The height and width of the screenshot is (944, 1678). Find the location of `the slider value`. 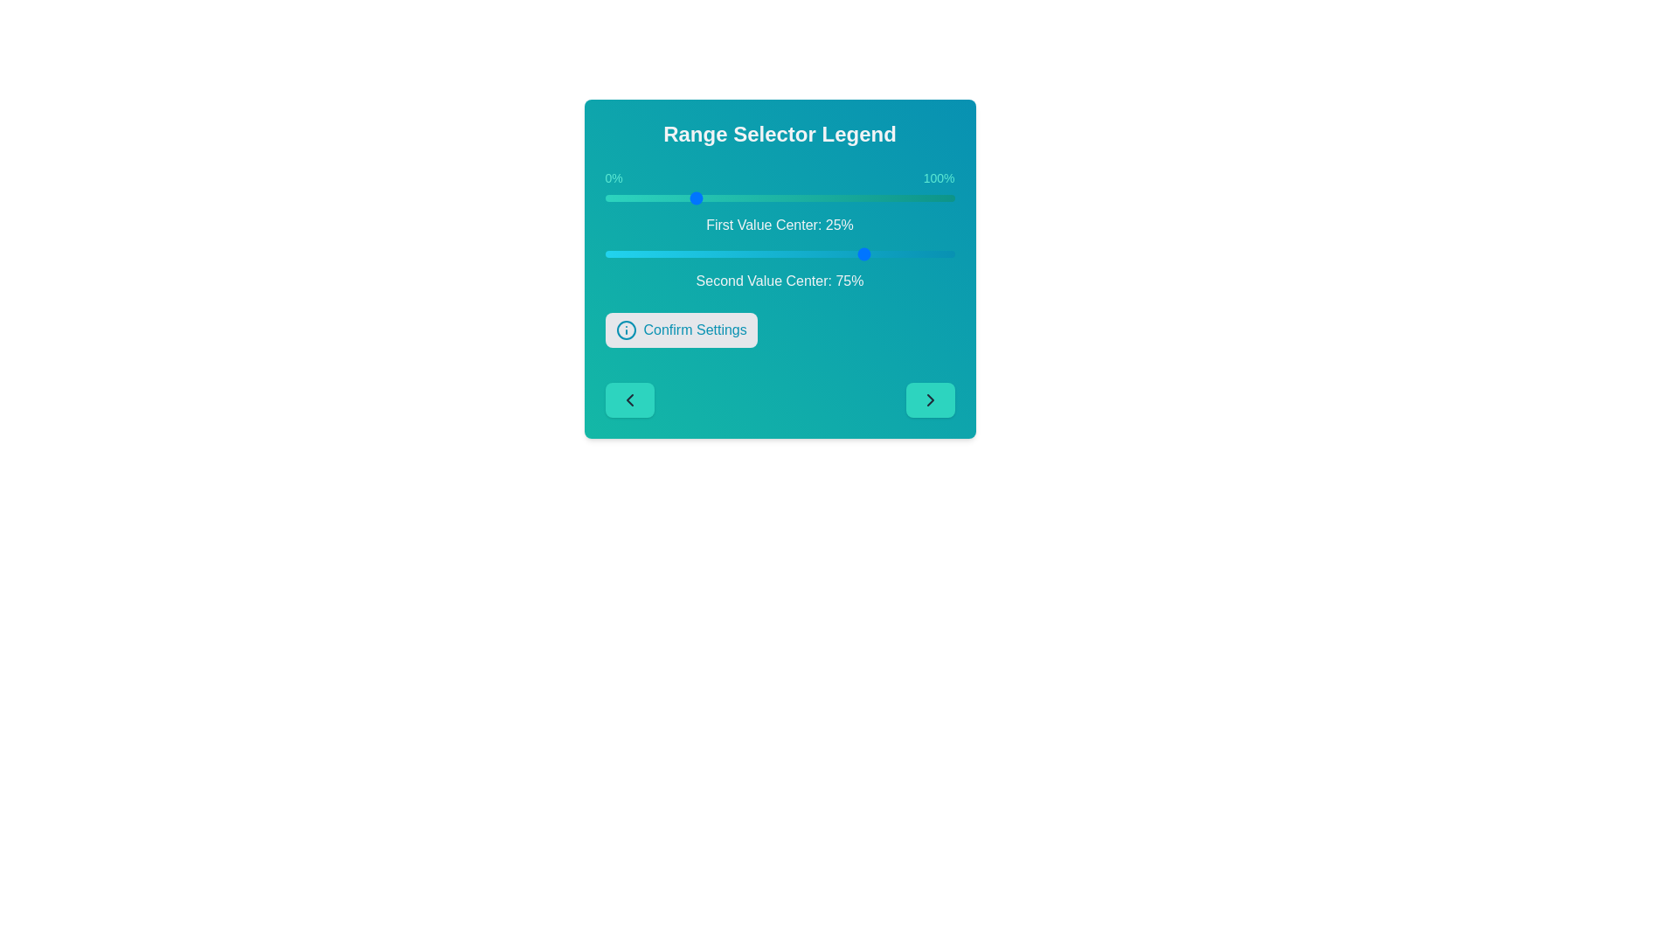

the slider value is located at coordinates (789, 253).